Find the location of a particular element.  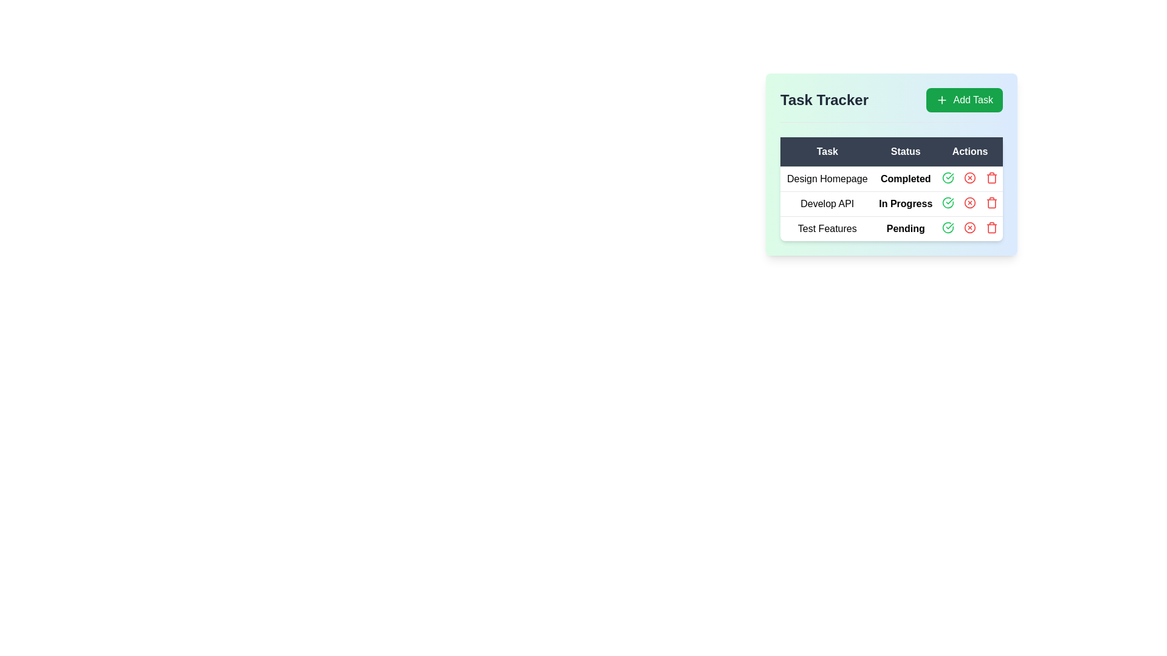

the trash can icon in the Actions column of the second row in the task tracker table is located at coordinates (992, 203).